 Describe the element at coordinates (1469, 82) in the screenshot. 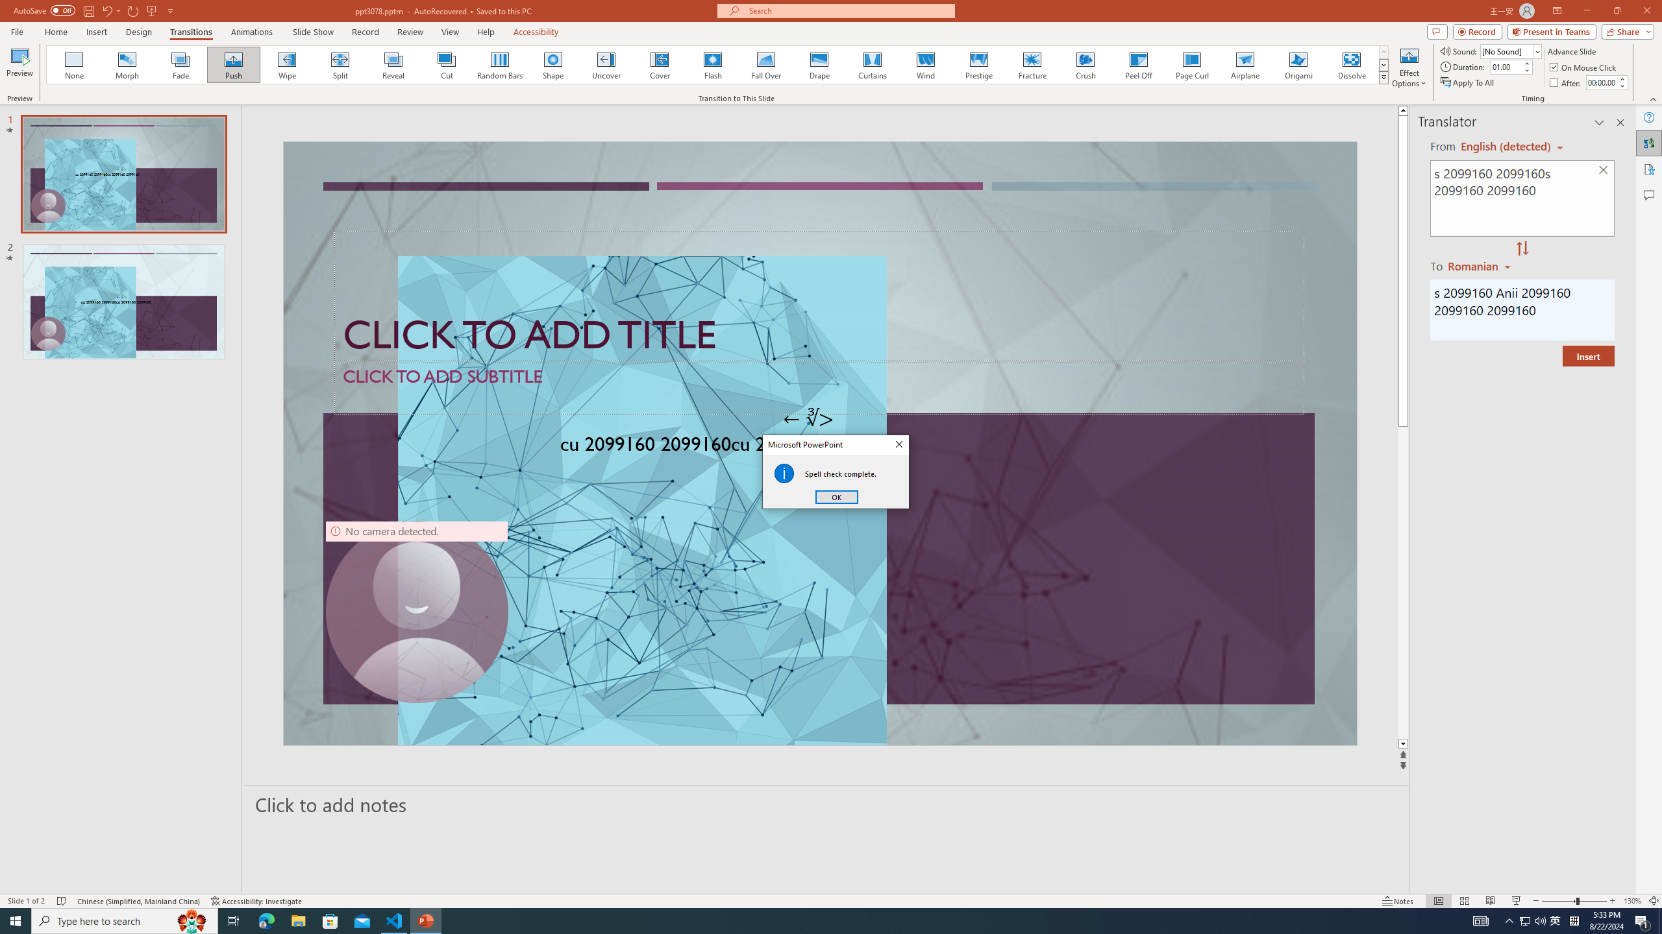

I see `'Apply To All'` at that location.